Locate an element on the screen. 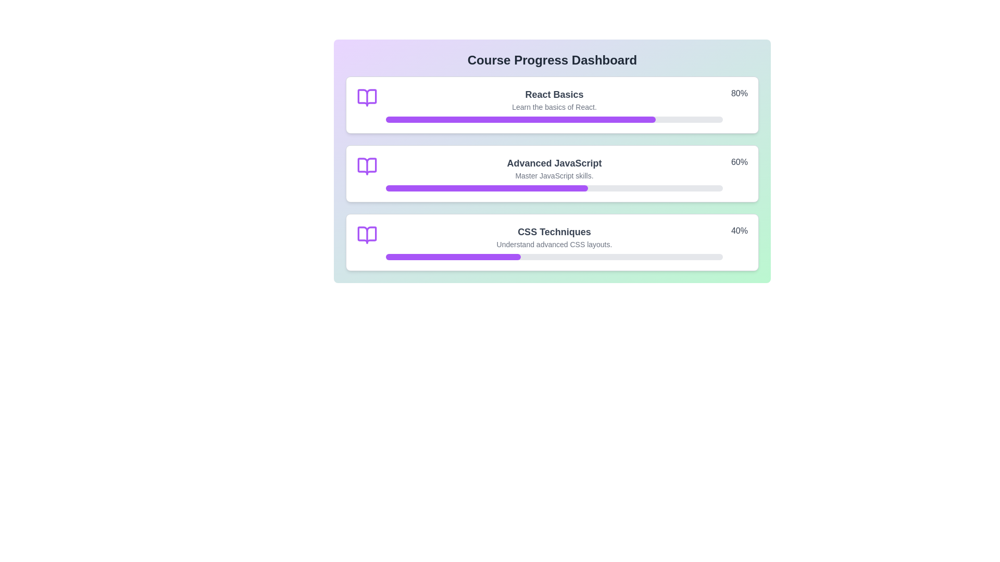  the label displaying '60%' in bold gray font, located above the purple progress bar on the right side of the progress card for 'Advanced JavaScript' is located at coordinates (739, 163).